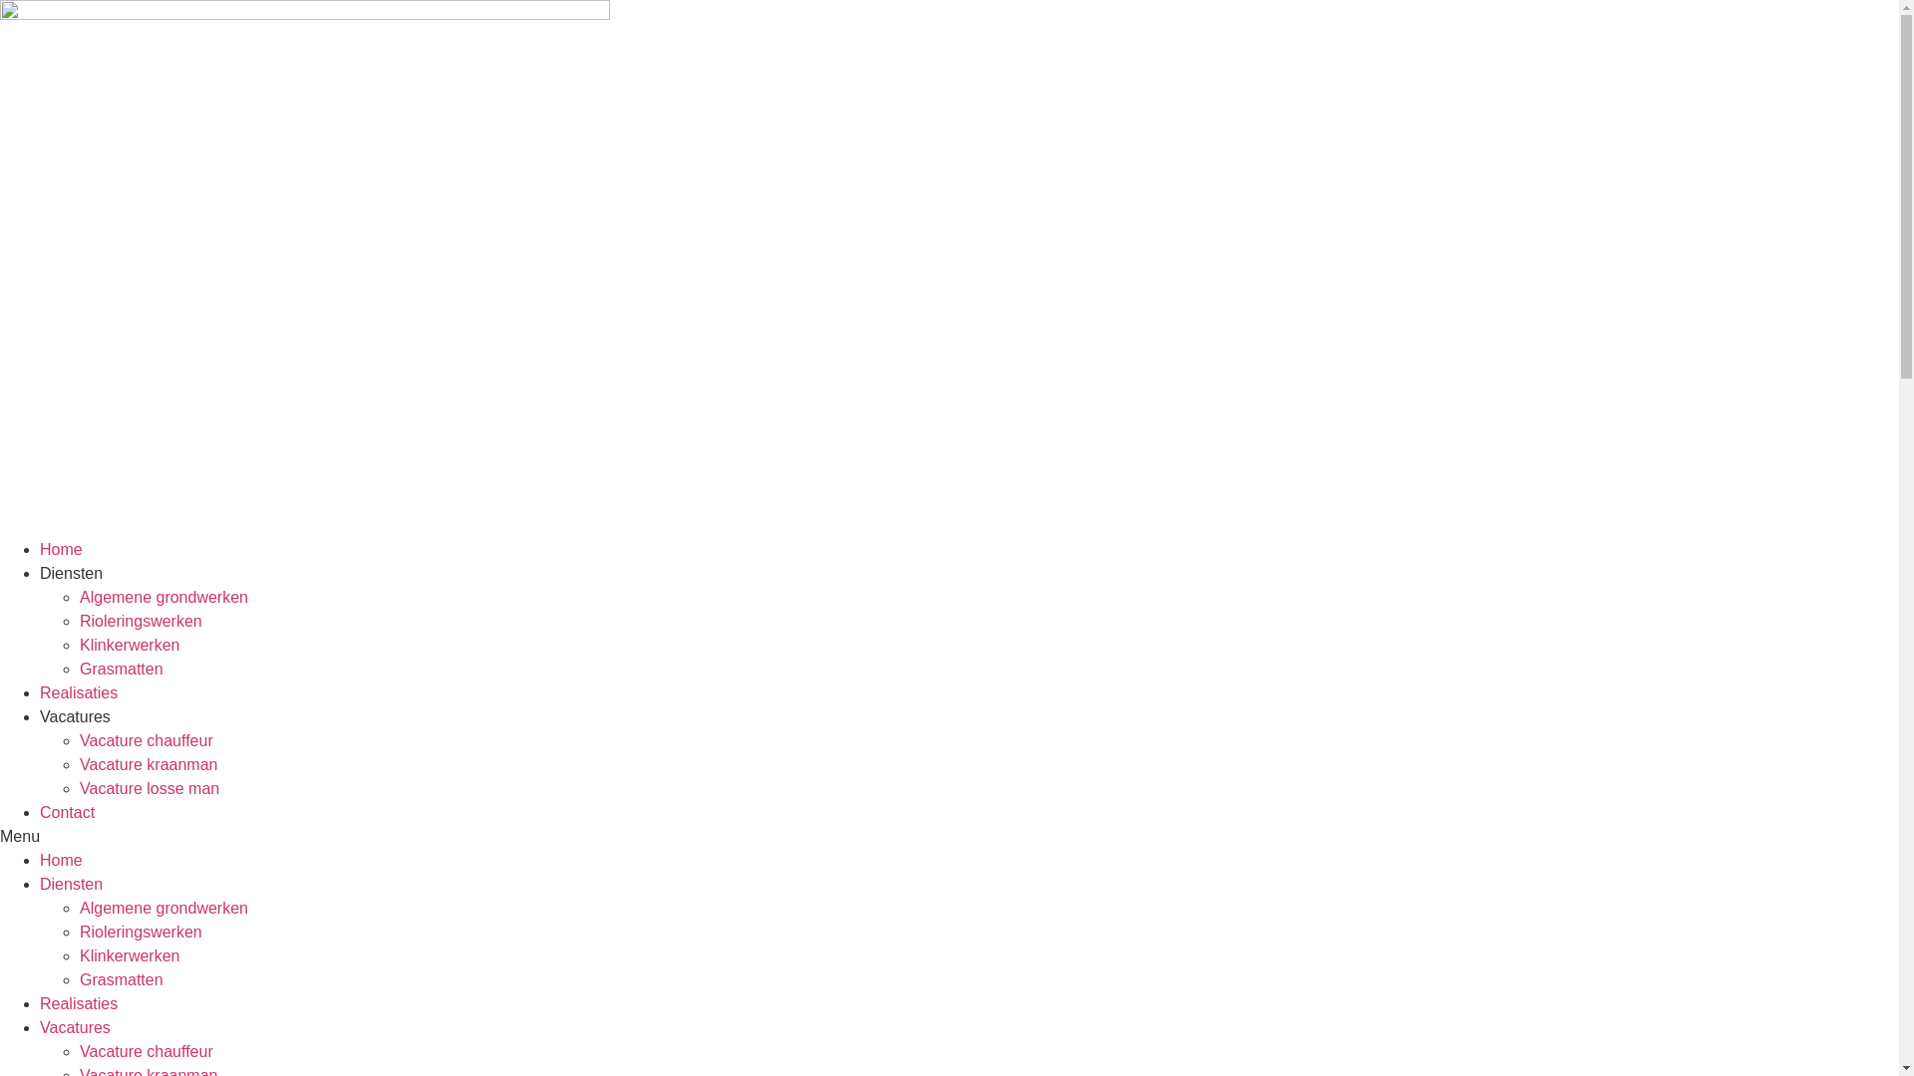  I want to click on 'Vacature chauffeur', so click(146, 1050).